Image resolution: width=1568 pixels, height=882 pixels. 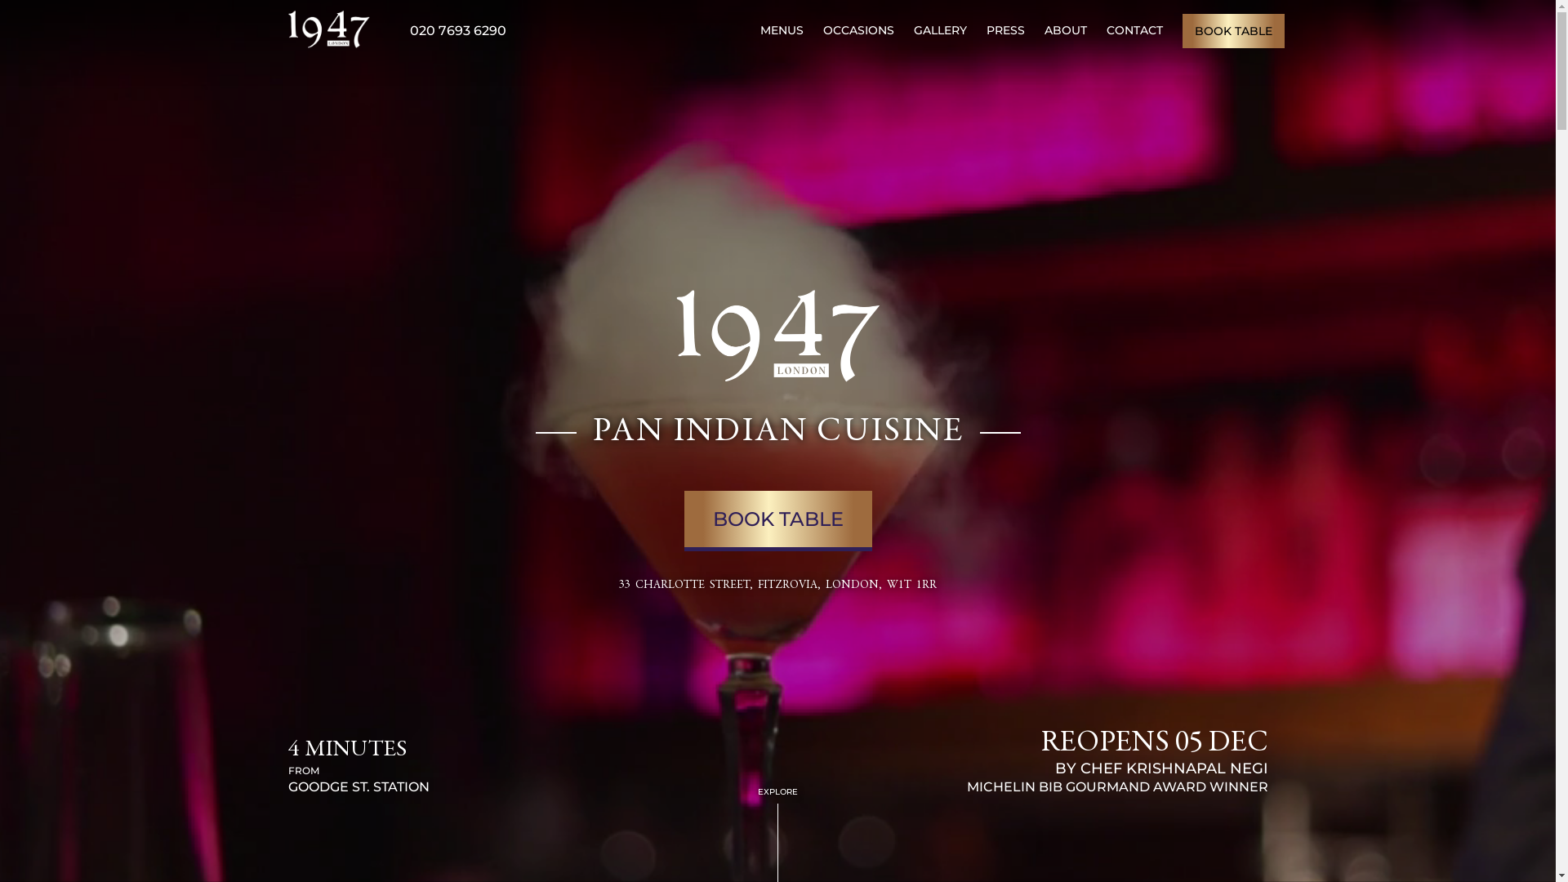 What do you see at coordinates (1042, 30) in the screenshot?
I see `'ABOUT'` at bounding box center [1042, 30].